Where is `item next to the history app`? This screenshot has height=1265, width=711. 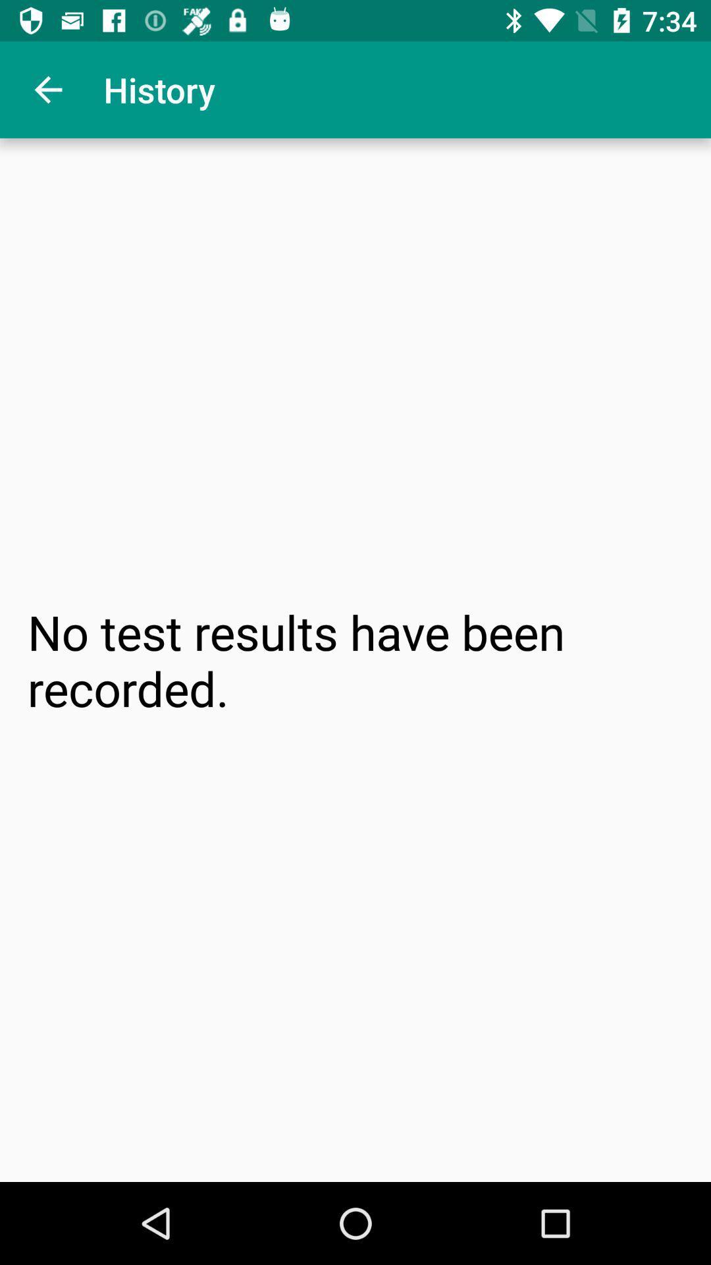 item next to the history app is located at coordinates (47, 89).